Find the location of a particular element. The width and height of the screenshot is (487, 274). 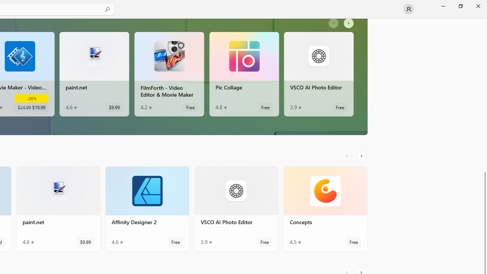

'AutomationID: LeftScrollButton' is located at coordinates (347, 156).